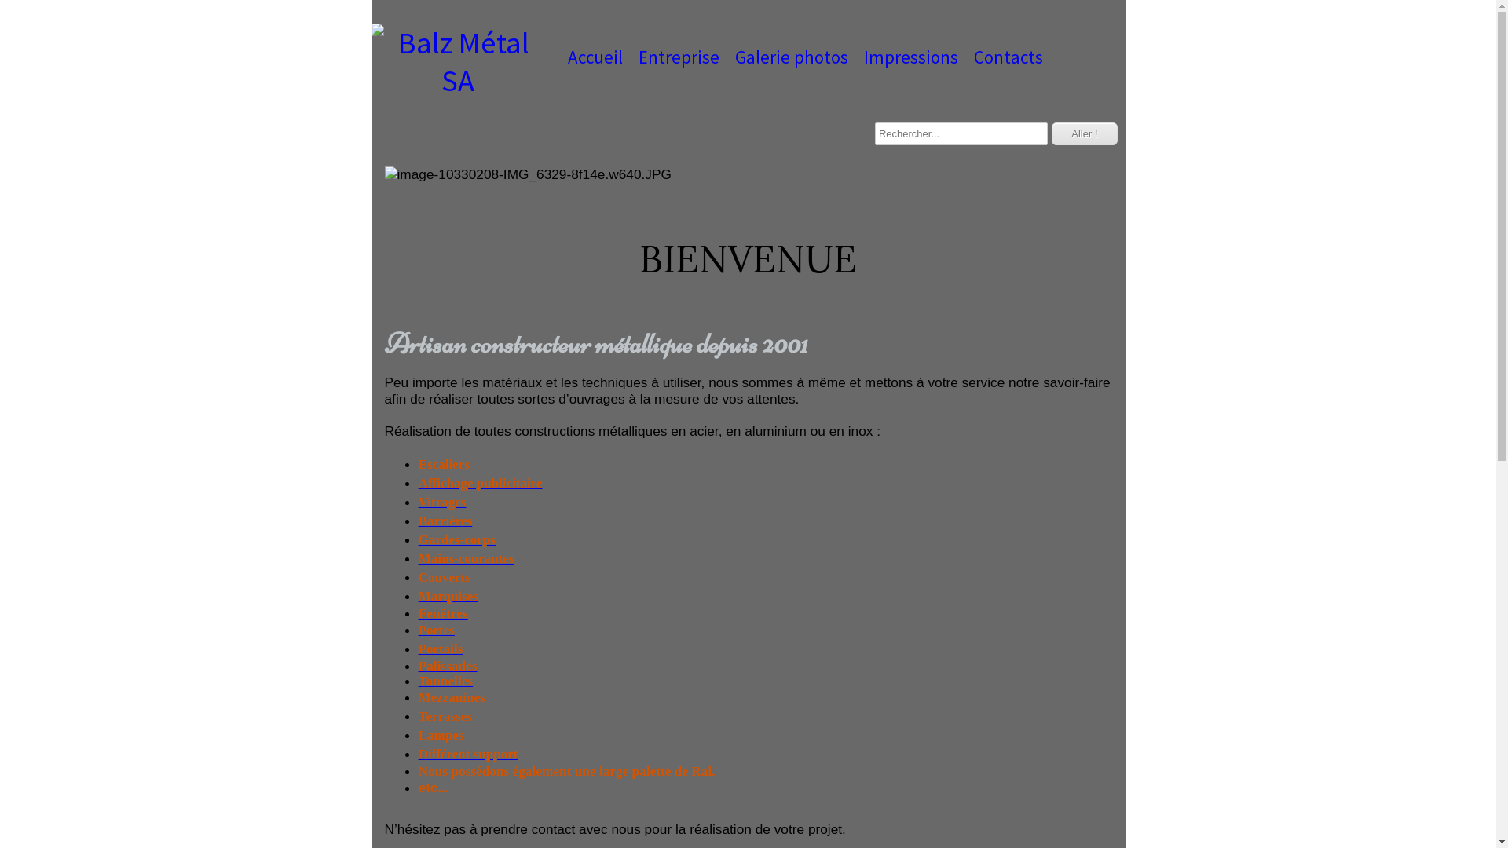 The image size is (1508, 848). Describe the element at coordinates (445, 680) in the screenshot. I see `'Tonnelles'` at that location.